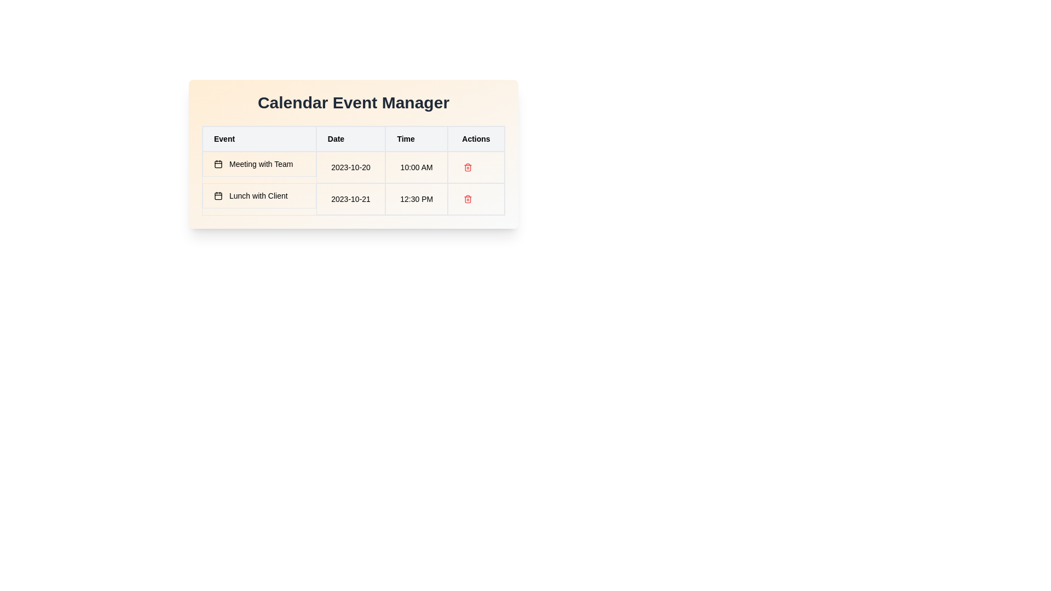 The width and height of the screenshot is (1051, 591). What do you see at coordinates (258, 164) in the screenshot?
I see `the Text label with an icon located in the first row of the table under the 'Event' column, positioned to the left of the date and time columns` at bounding box center [258, 164].